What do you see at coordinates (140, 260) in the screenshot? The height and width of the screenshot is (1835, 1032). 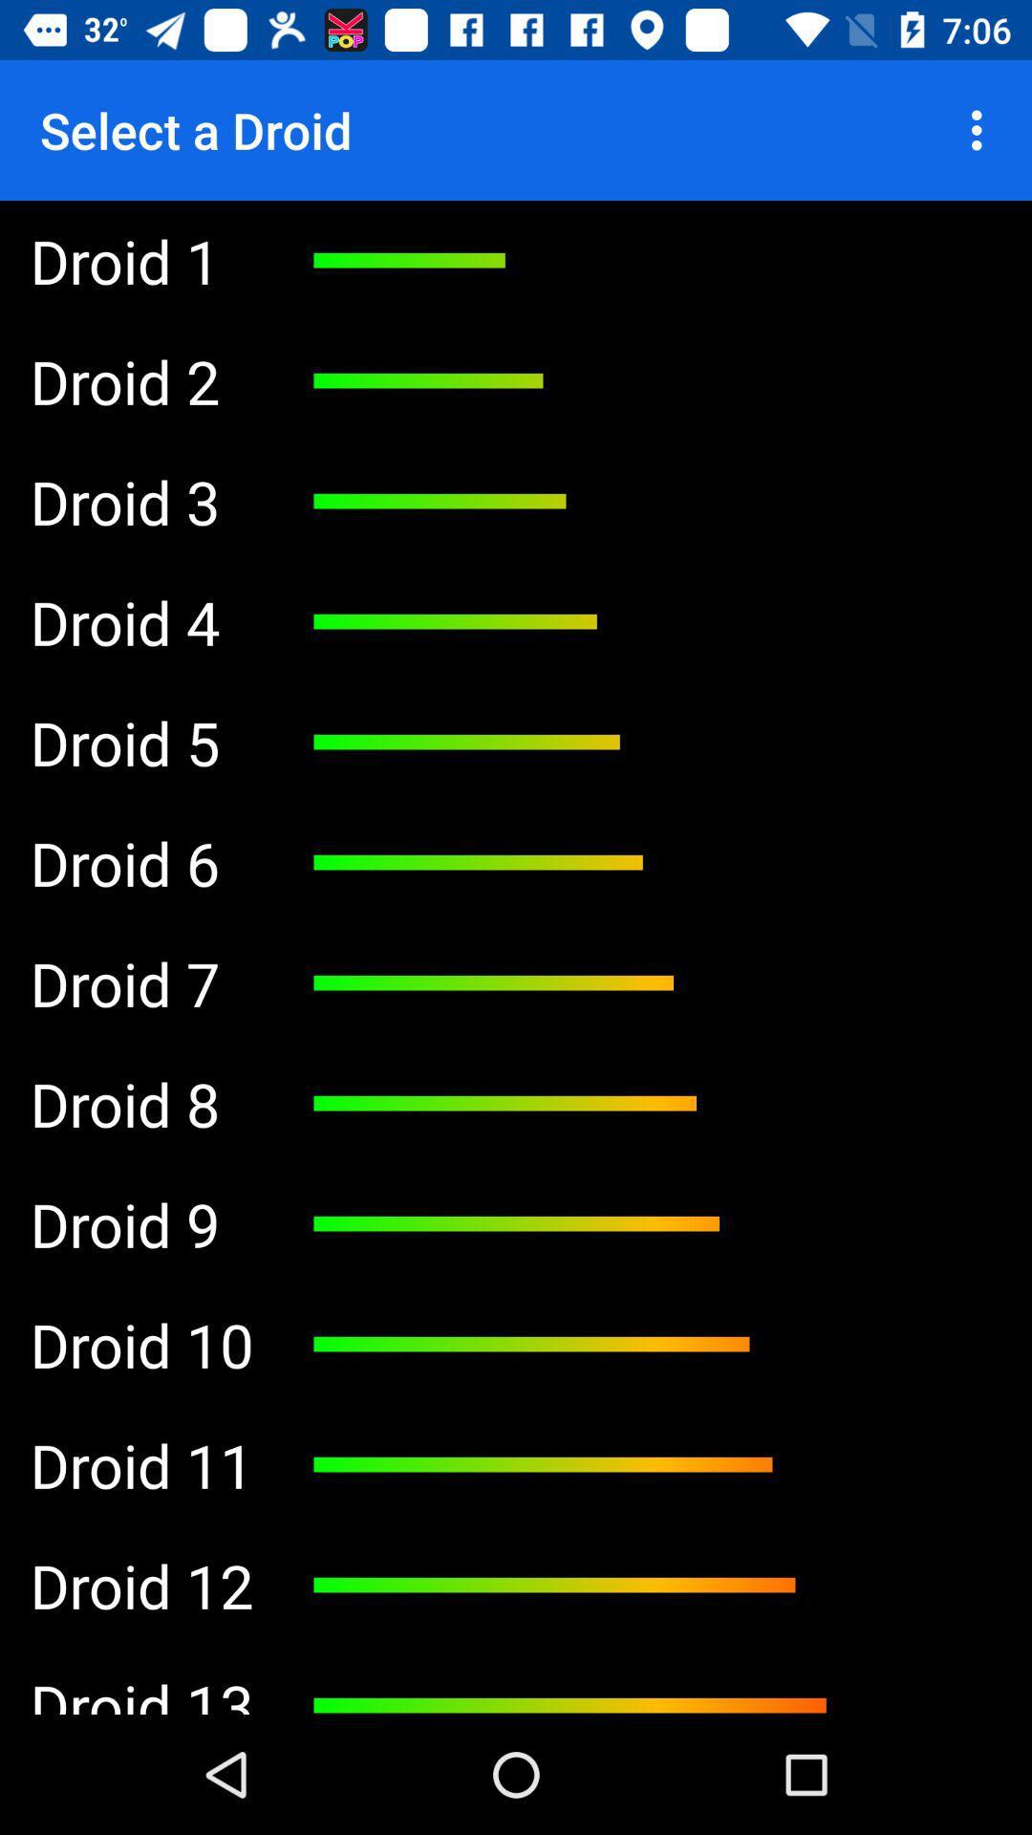 I see `the droid 1 item` at bounding box center [140, 260].